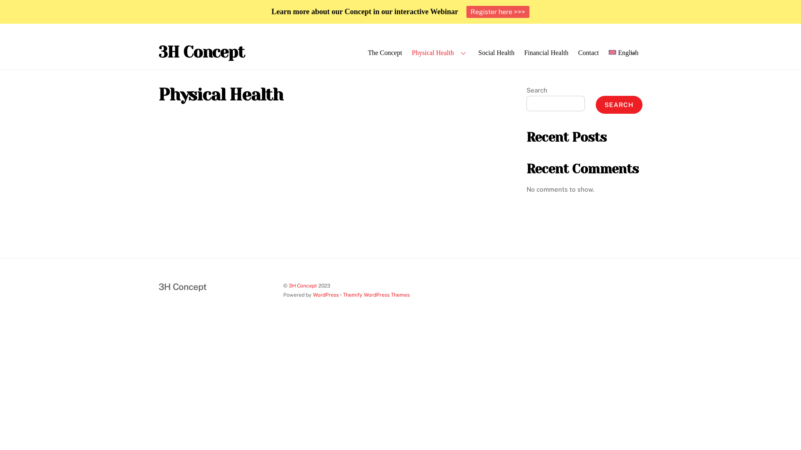 This screenshot has width=801, height=450. What do you see at coordinates (343, 294) in the screenshot?
I see `'Themify WordPress Themes'` at bounding box center [343, 294].